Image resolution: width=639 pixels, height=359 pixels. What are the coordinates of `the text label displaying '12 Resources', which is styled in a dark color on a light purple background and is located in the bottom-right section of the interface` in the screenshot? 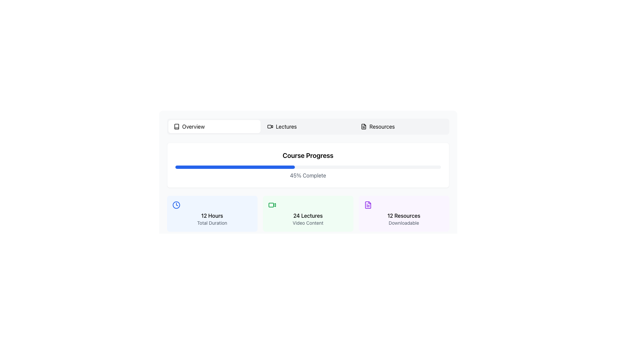 It's located at (403, 215).